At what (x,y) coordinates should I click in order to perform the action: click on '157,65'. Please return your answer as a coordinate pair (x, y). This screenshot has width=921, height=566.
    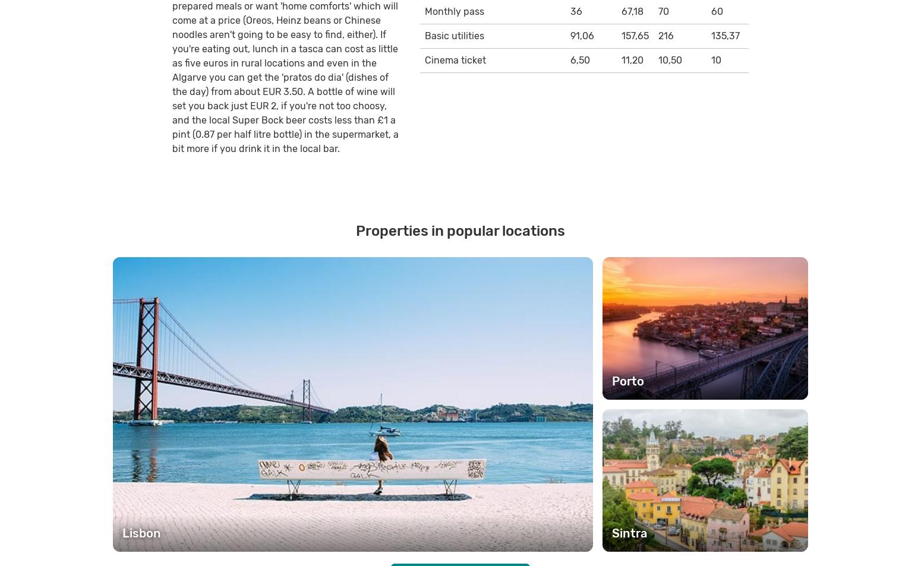
    Looking at the image, I should click on (634, 34).